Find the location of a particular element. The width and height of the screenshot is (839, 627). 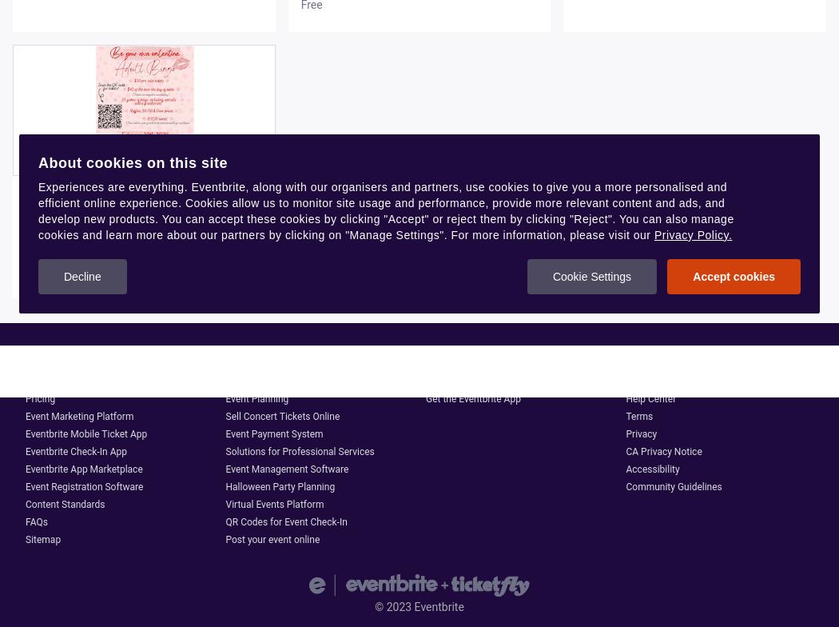

'Event Payment System' is located at coordinates (273, 433).